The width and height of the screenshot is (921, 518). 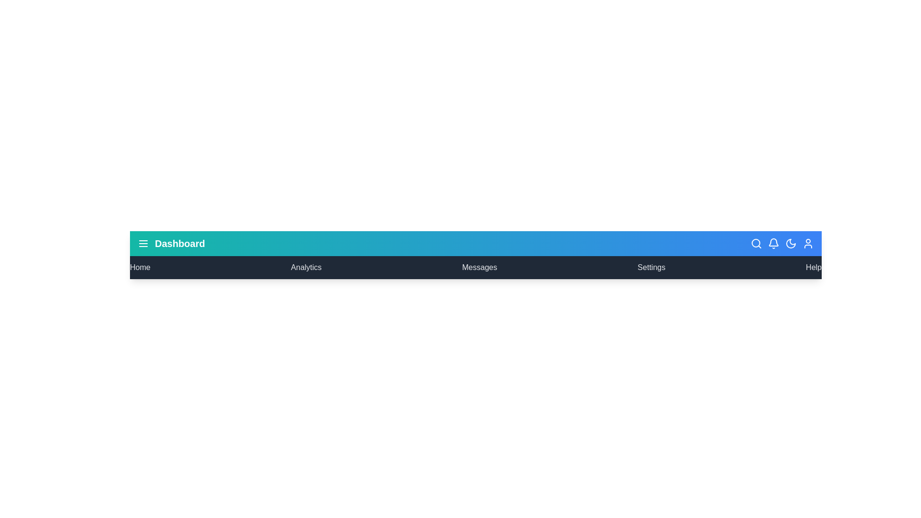 What do you see at coordinates (756, 243) in the screenshot?
I see `search icon to activate the search functionality` at bounding box center [756, 243].